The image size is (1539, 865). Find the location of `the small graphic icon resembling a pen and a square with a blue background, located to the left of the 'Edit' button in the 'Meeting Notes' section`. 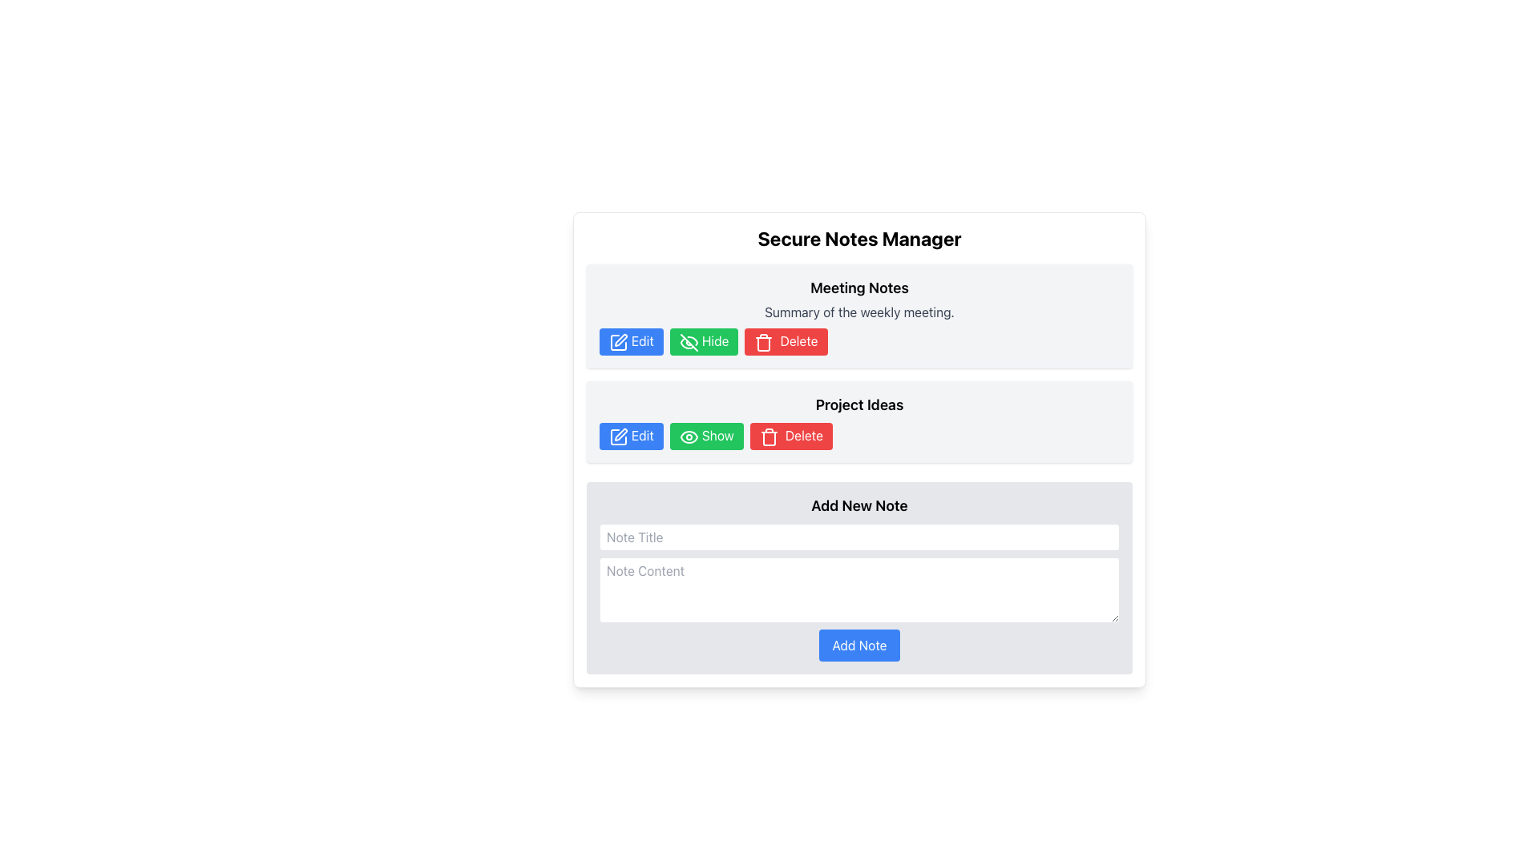

the small graphic icon resembling a pen and a square with a blue background, located to the left of the 'Edit' button in the 'Meeting Notes' section is located at coordinates (618, 341).